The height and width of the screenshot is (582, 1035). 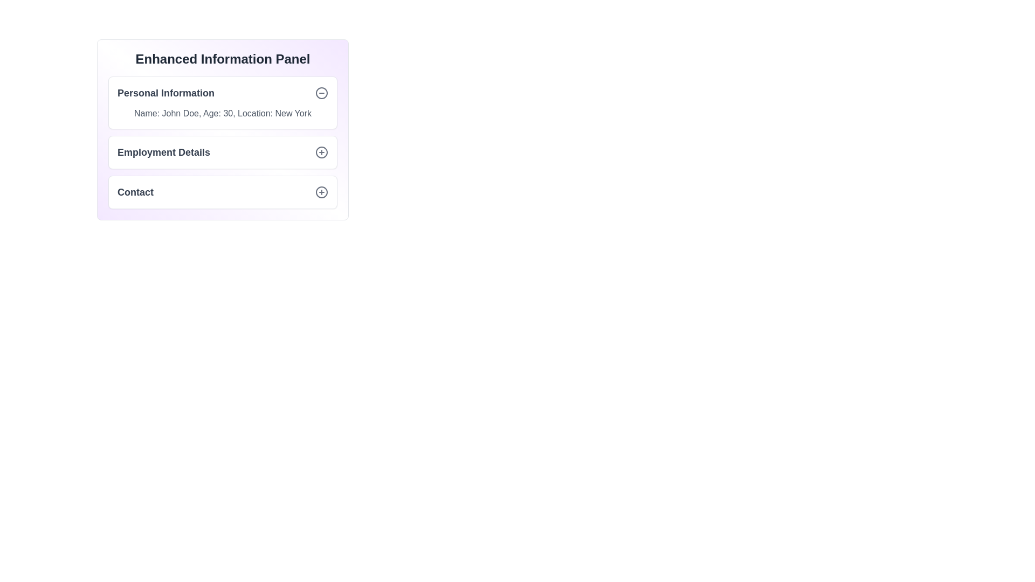 I want to click on the circular SVG graphical element that serves as a control or status indicator located to the right of the 'Personal Information' section header in the 'Enhanced Information Panel', so click(x=321, y=93).